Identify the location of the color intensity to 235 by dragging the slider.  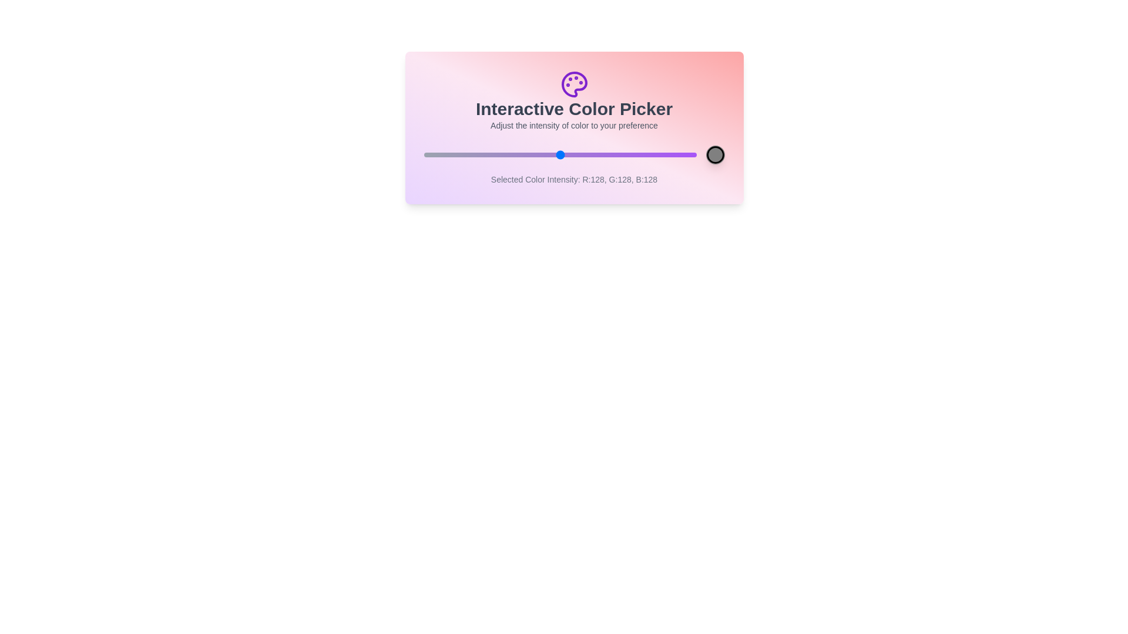
(674, 154).